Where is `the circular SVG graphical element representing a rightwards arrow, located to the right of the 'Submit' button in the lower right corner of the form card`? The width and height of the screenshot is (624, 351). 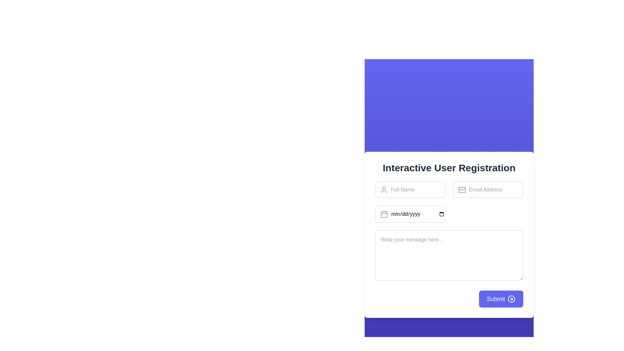
the circular SVG graphical element representing a rightwards arrow, located to the right of the 'Submit' button in the lower right corner of the form card is located at coordinates (511, 299).